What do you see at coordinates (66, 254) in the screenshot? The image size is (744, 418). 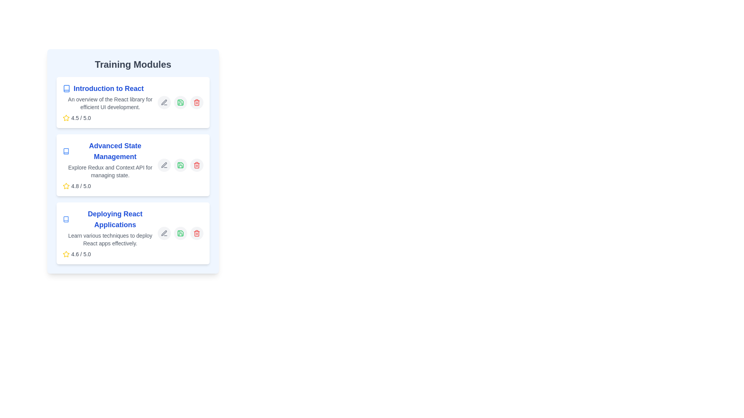 I see `the star icon representing the rating for the training module 'Deploying React Applications' located in the third card under the 'Training Modules' section` at bounding box center [66, 254].